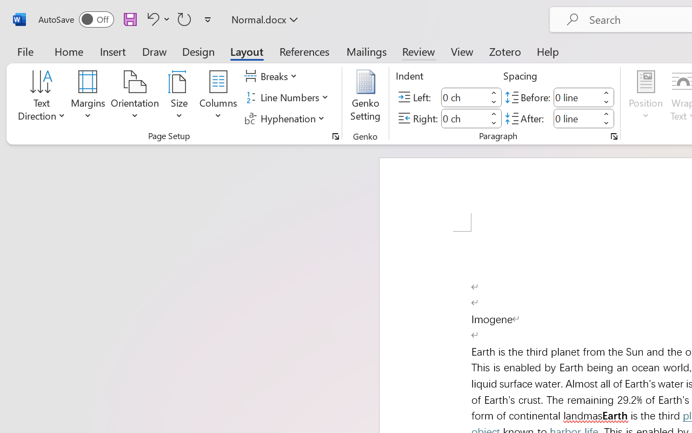  What do you see at coordinates (464, 96) in the screenshot?
I see `'Indent Left'` at bounding box center [464, 96].